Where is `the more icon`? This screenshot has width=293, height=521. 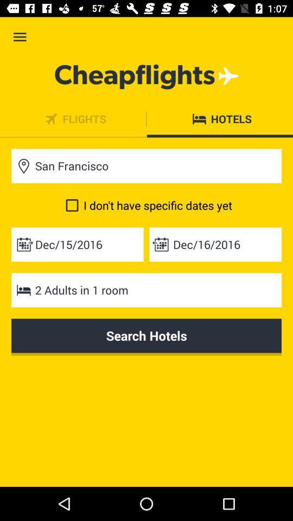 the more icon is located at coordinates (73, 119).